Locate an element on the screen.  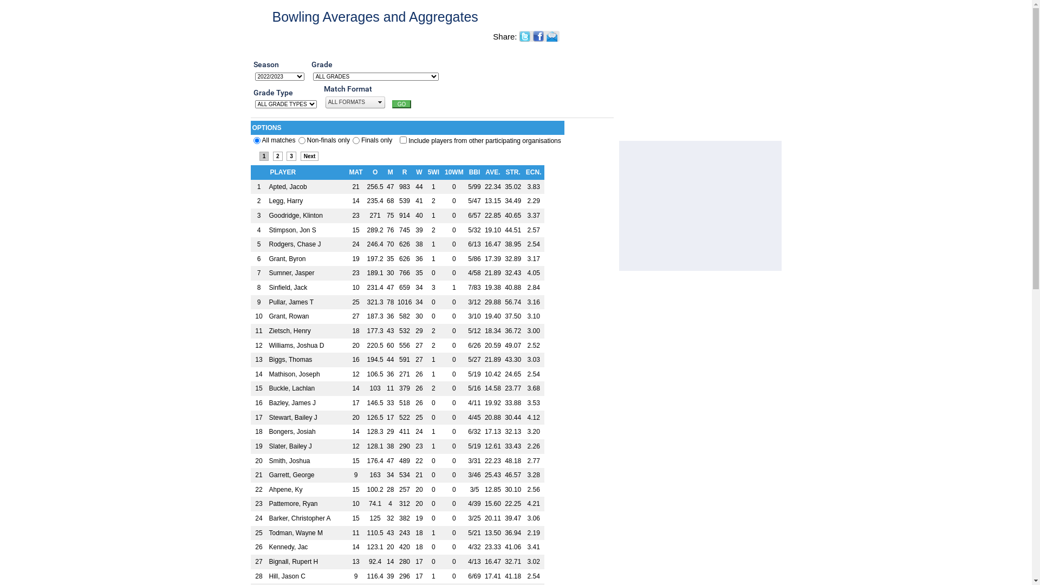
'1' is located at coordinates (302, 140).